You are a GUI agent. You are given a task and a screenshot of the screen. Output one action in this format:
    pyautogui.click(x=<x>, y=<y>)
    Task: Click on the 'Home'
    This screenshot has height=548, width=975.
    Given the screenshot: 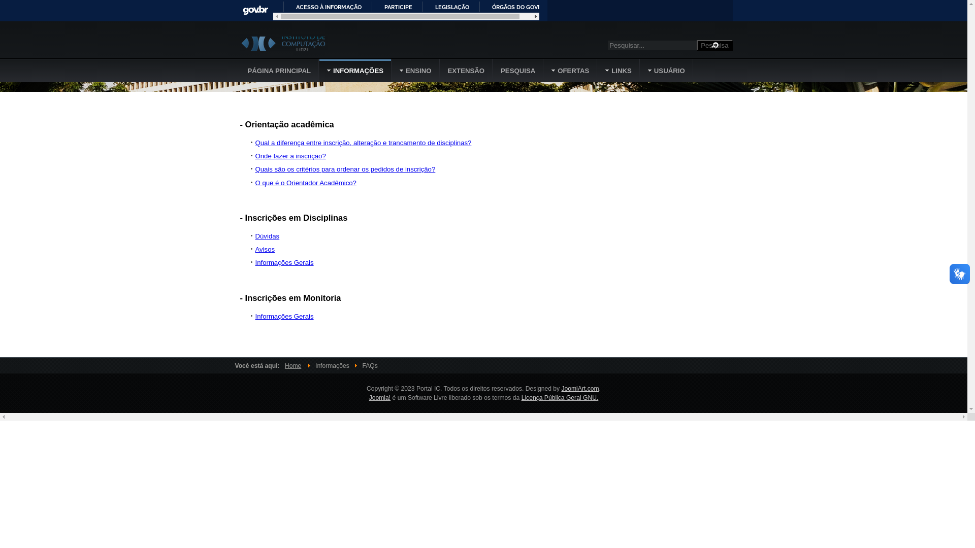 What is the action you would take?
    pyautogui.click(x=292, y=366)
    